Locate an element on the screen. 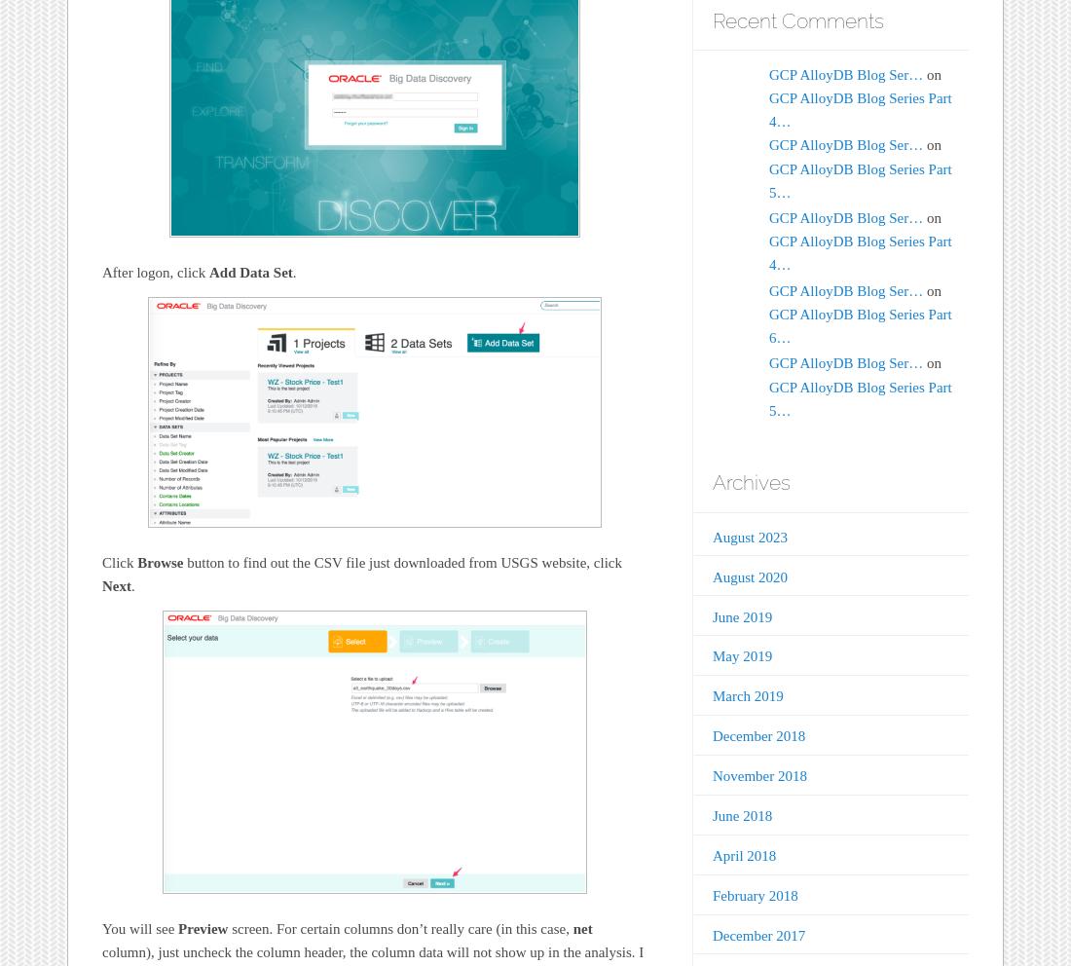  'December 2018' is located at coordinates (758, 735).